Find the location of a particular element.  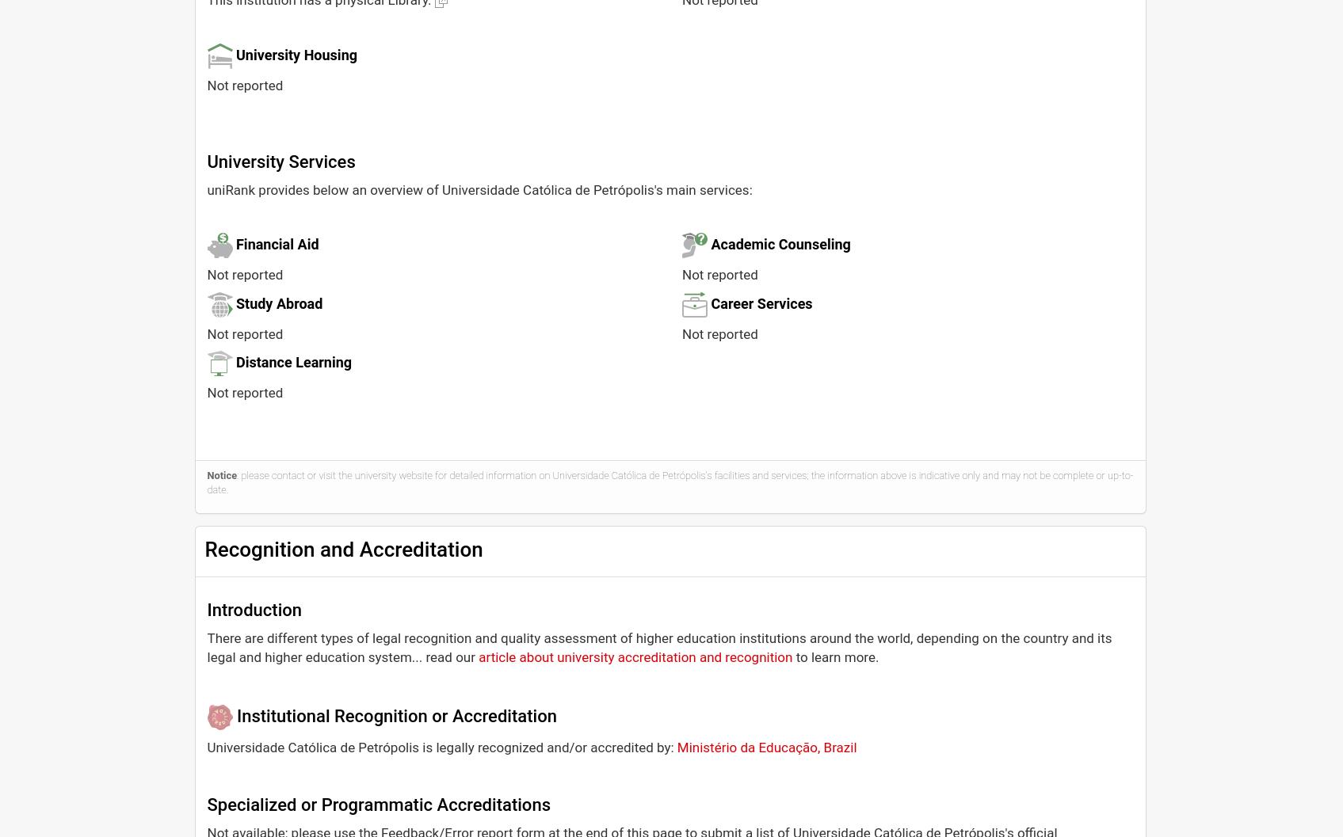

'University Services' is located at coordinates (280, 161).